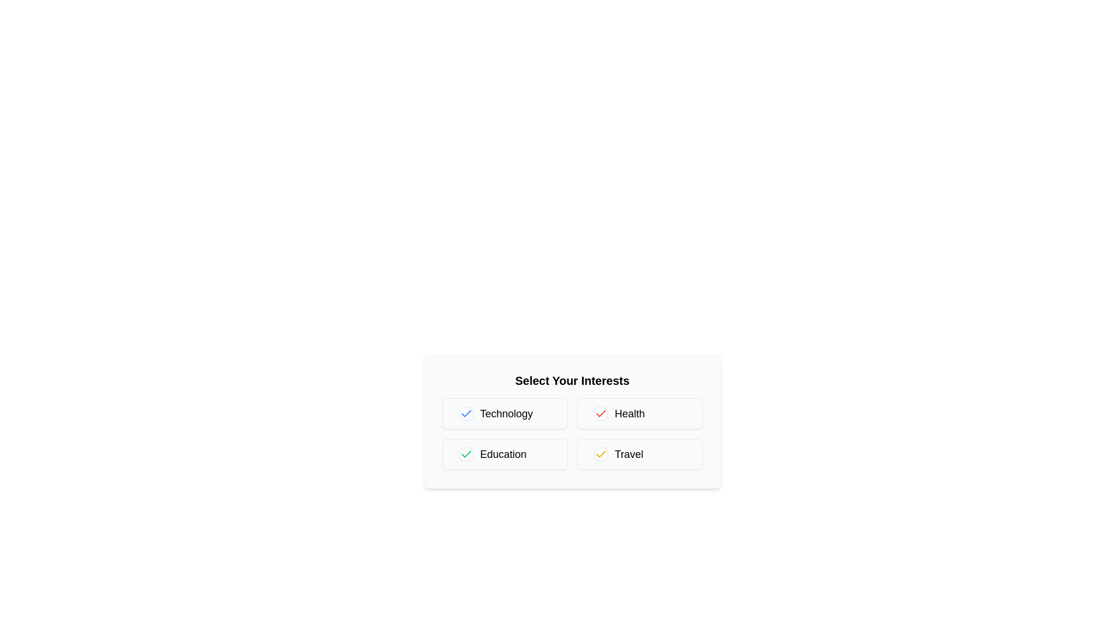 Image resolution: width=1114 pixels, height=626 pixels. I want to click on the heading 'Select Your Interests' and read its content, so click(572, 380).